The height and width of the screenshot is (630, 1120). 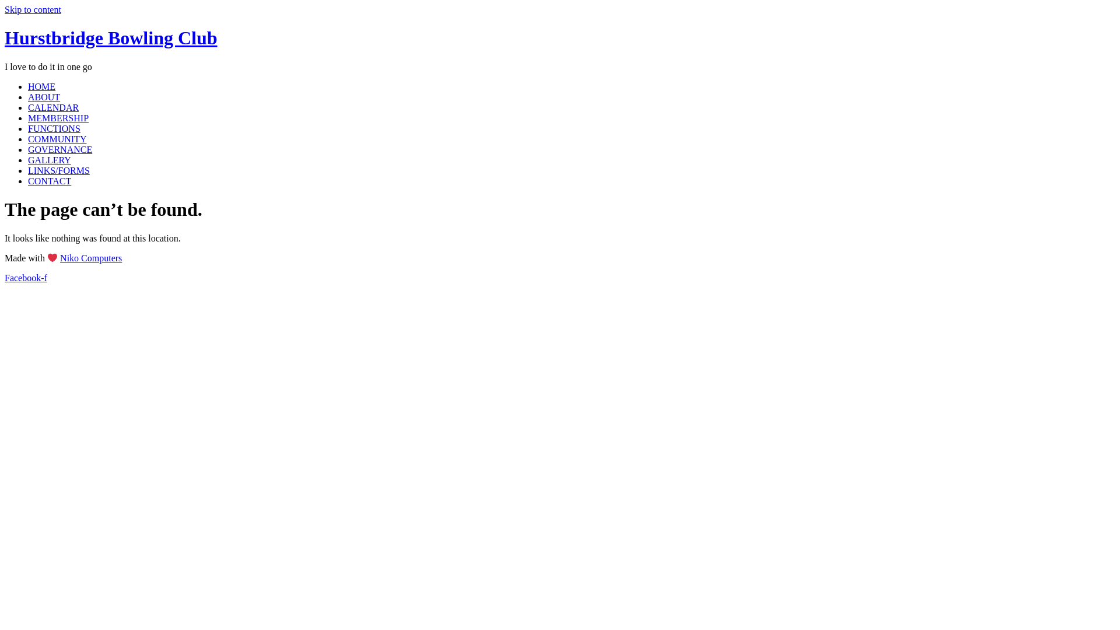 I want to click on 'Facebook-f', so click(x=26, y=278).